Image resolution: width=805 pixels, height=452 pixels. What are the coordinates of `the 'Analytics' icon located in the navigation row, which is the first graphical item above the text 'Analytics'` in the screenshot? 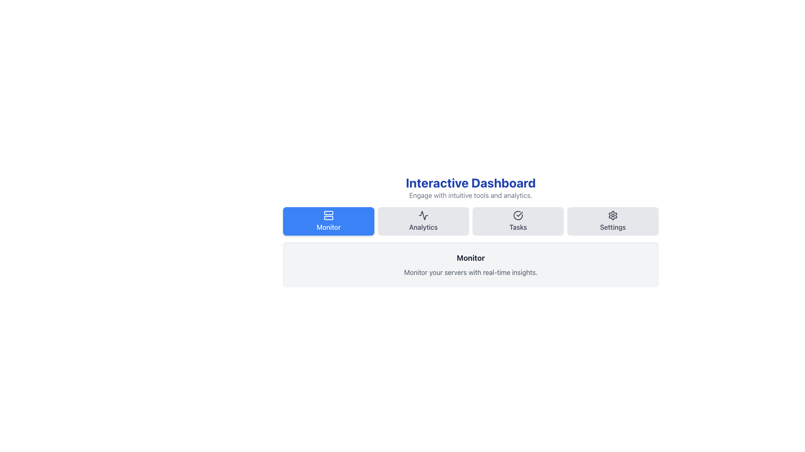 It's located at (423, 215).